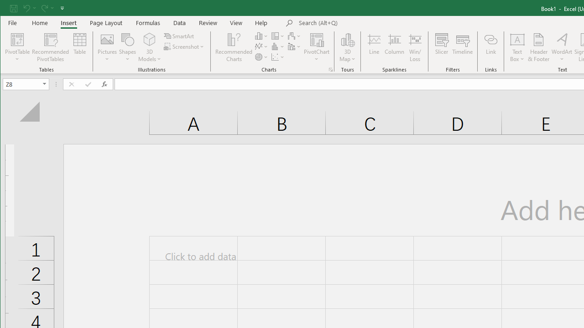 This screenshot has height=328, width=584. I want to click on 'Insert Line or Area Chart', so click(261, 46).